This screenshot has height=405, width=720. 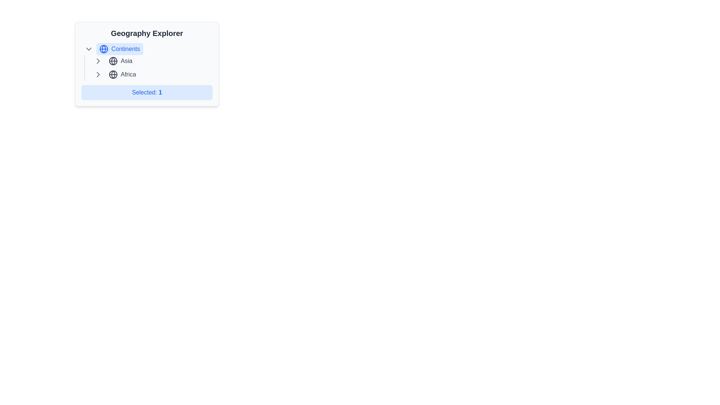 What do you see at coordinates (120, 60) in the screenshot?
I see `the selectable continent 'Asia' in the 'Geography Explorer' section to change its text color` at bounding box center [120, 60].